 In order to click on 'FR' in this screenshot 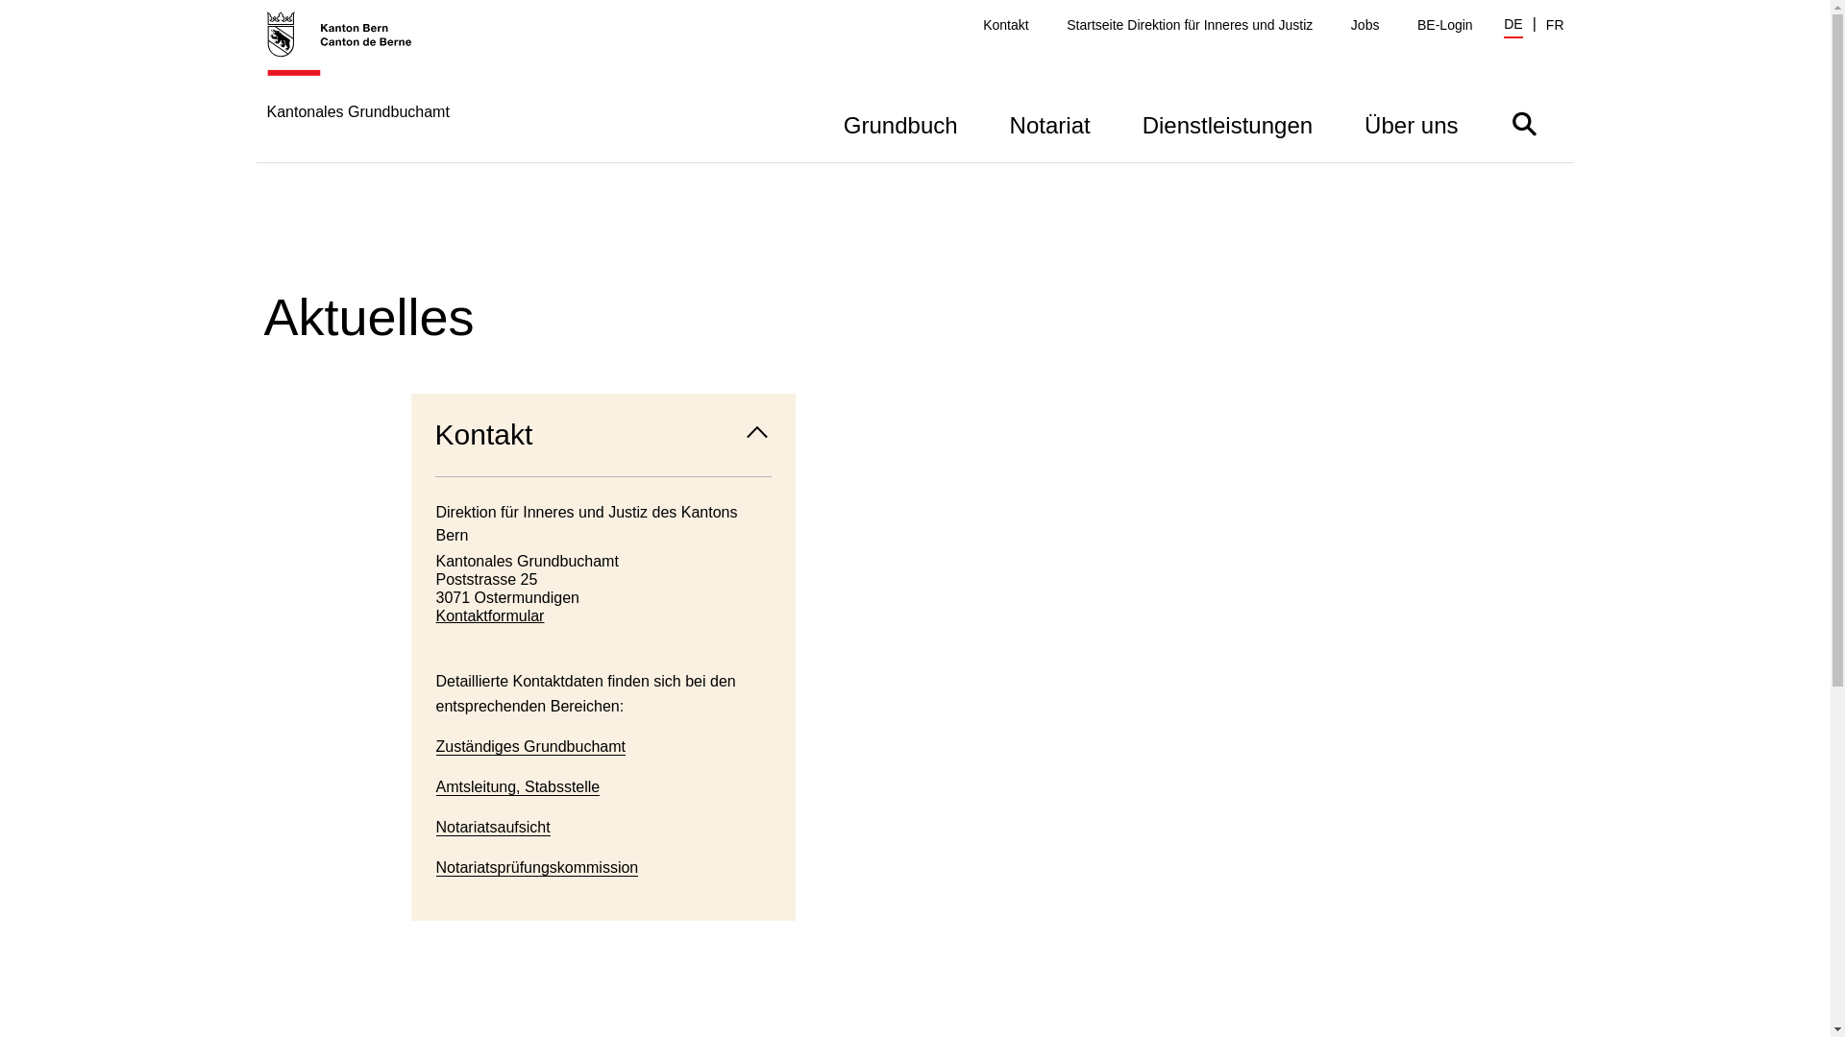, I will do `click(1555, 25)`.